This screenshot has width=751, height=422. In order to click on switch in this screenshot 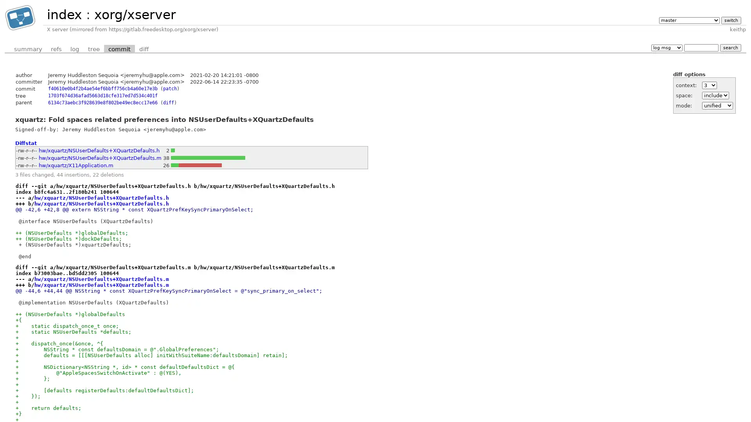, I will do `click(730, 20)`.